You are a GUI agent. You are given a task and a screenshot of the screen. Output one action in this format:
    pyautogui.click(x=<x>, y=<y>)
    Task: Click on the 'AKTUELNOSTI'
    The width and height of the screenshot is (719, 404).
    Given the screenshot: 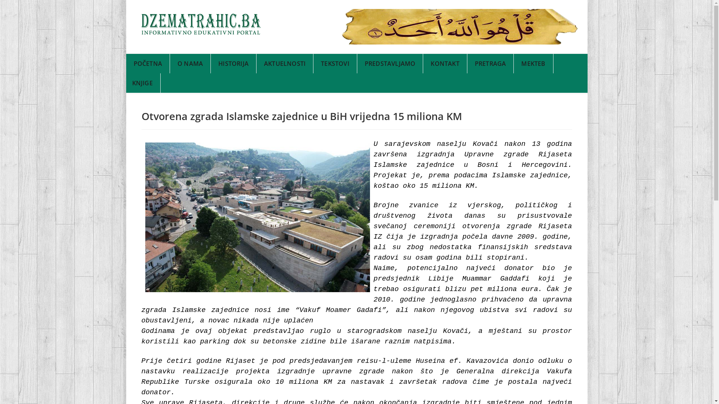 What is the action you would take?
    pyautogui.click(x=285, y=63)
    